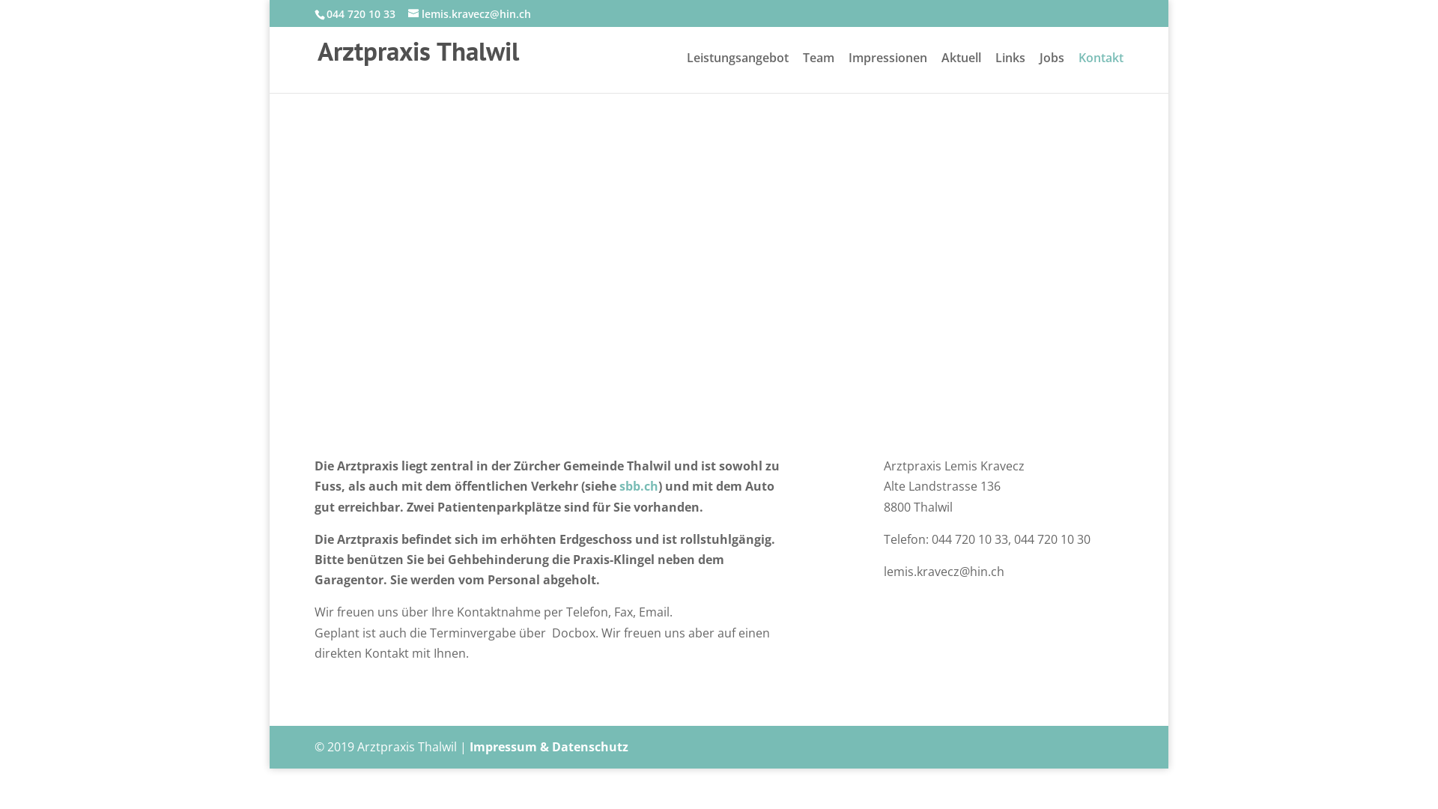  What do you see at coordinates (418, 55) in the screenshot?
I see `'Arztpraxis Thalwil'` at bounding box center [418, 55].